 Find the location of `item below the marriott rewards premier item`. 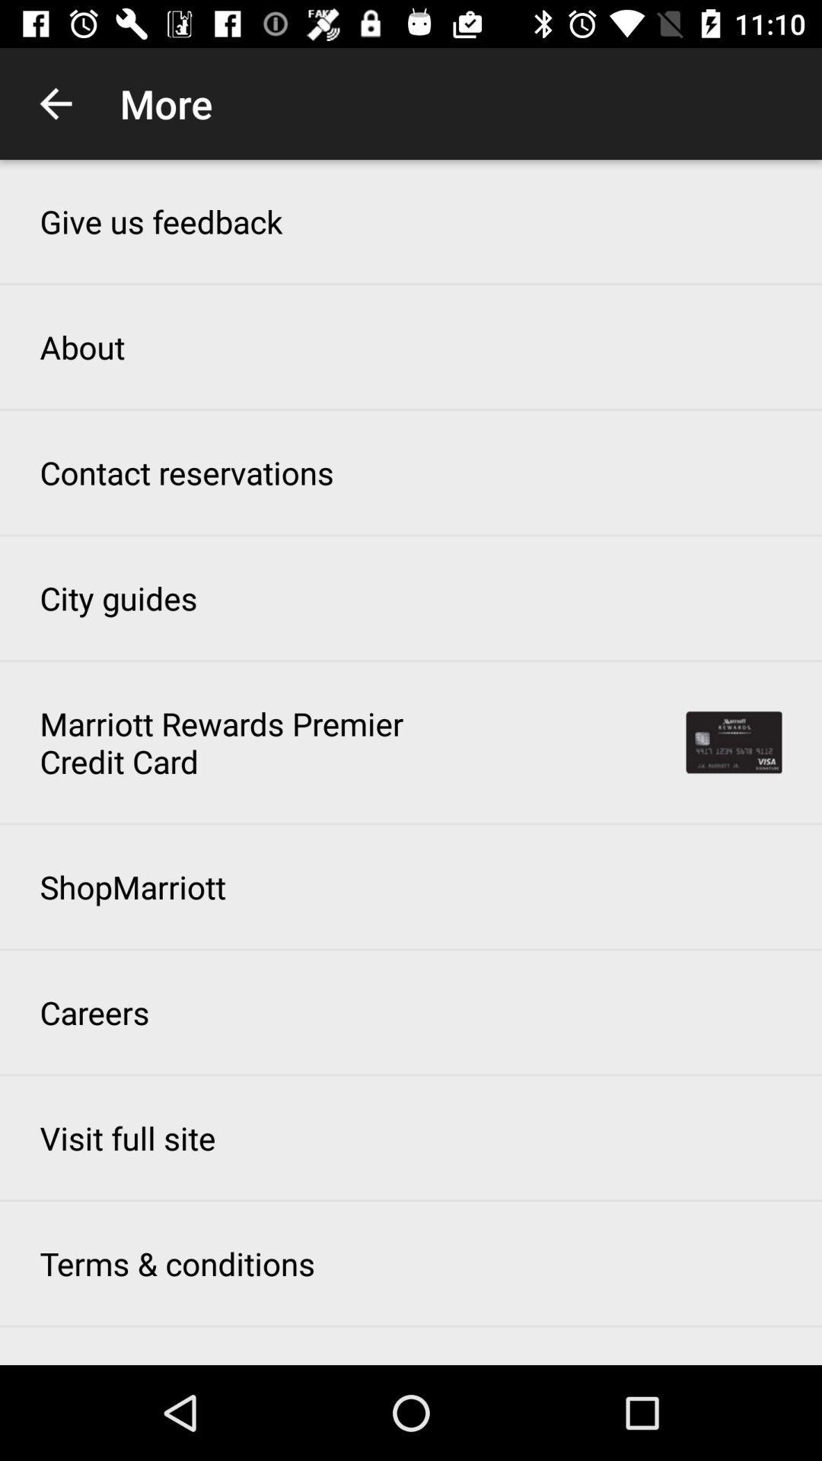

item below the marriott rewards premier item is located at coordinates (132, 886).